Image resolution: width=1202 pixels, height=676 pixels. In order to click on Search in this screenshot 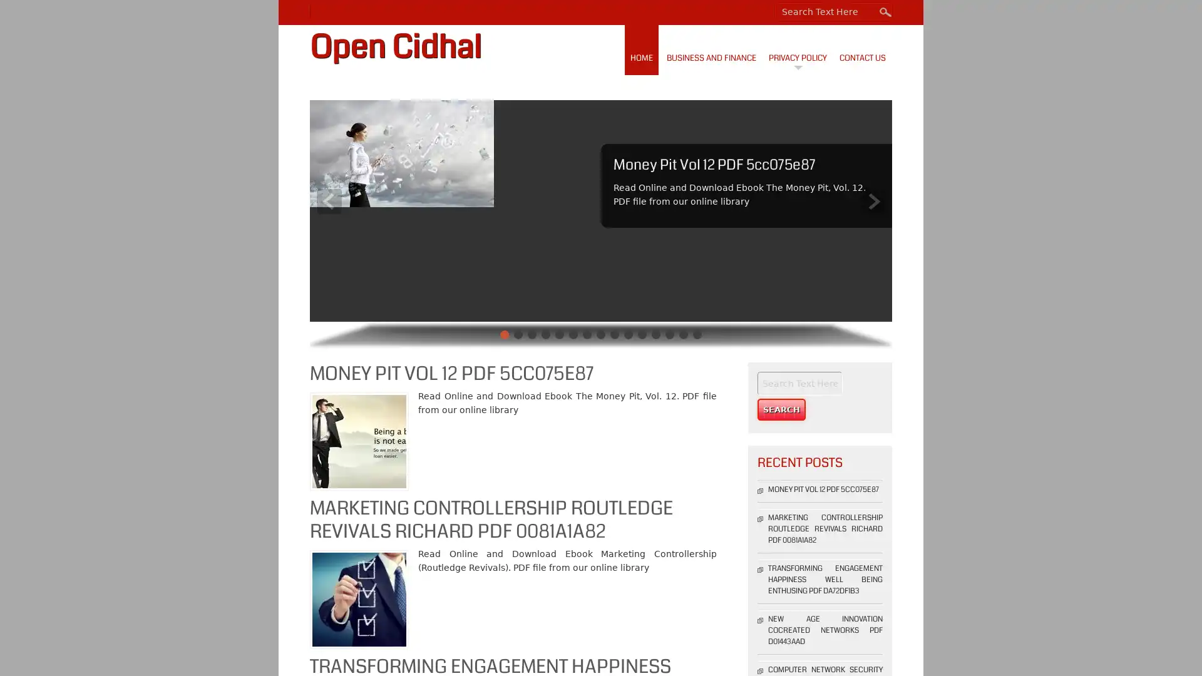, I will do `click(781, 409)`.